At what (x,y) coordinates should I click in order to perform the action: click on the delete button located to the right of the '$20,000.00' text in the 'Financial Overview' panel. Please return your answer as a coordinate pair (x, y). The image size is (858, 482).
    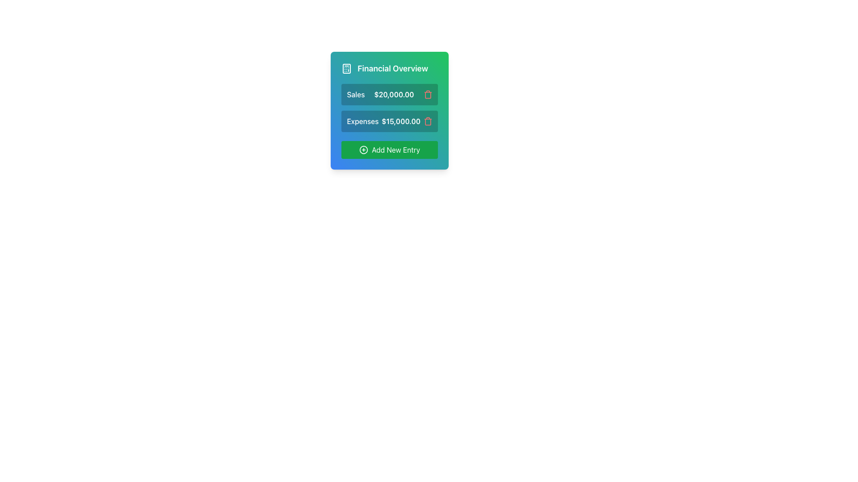
    Looking at the image, I should click on (427, 95).